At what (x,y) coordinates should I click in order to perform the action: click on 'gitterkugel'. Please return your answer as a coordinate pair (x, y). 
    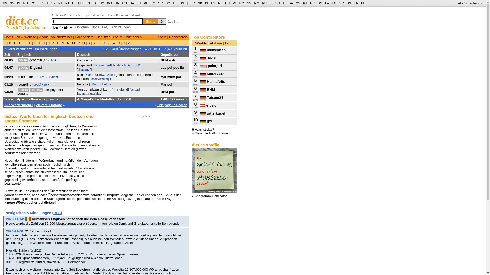
    Looking at the image, I should click on (200, 113).